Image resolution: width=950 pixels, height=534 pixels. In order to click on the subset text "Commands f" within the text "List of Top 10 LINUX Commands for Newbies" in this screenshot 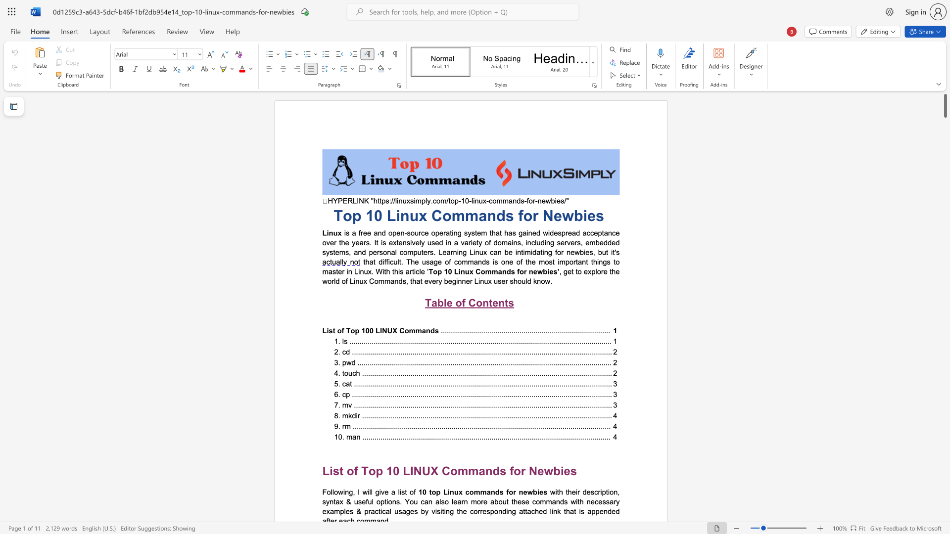, I will do `click(441, 470)`.